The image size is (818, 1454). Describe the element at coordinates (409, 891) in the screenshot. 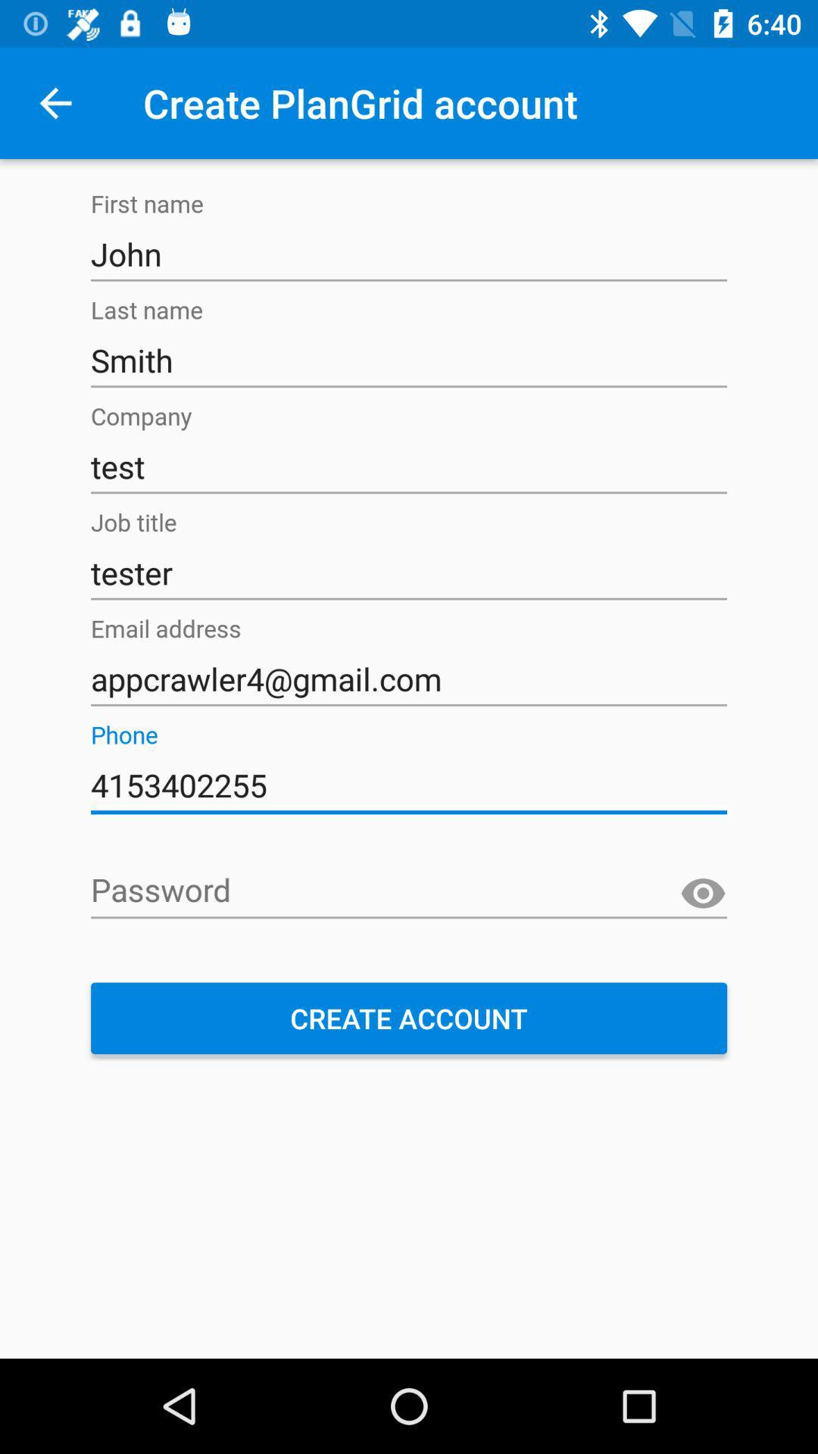

I see `item below 4153402255 item` at that location.